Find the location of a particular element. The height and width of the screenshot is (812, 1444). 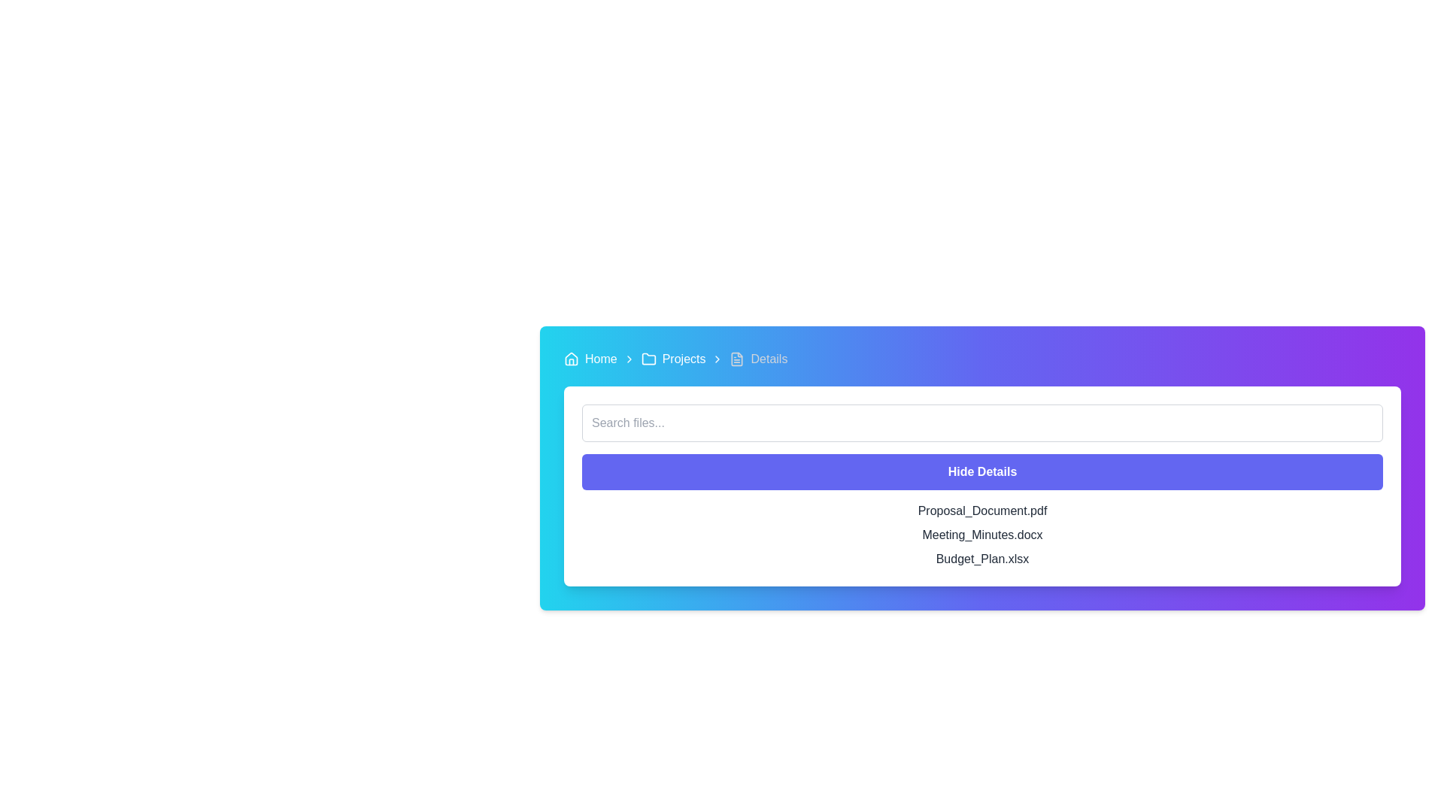

the third item of the breadcrumb navigation, located to the right of the 'Projects' label, to view more information is located at coordinates (758, 359).